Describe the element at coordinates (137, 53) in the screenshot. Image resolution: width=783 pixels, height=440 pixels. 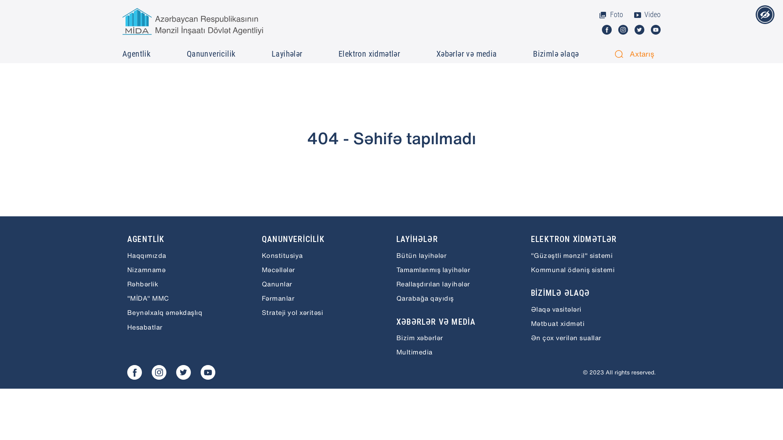
I see `'Agentlik'` at that location.